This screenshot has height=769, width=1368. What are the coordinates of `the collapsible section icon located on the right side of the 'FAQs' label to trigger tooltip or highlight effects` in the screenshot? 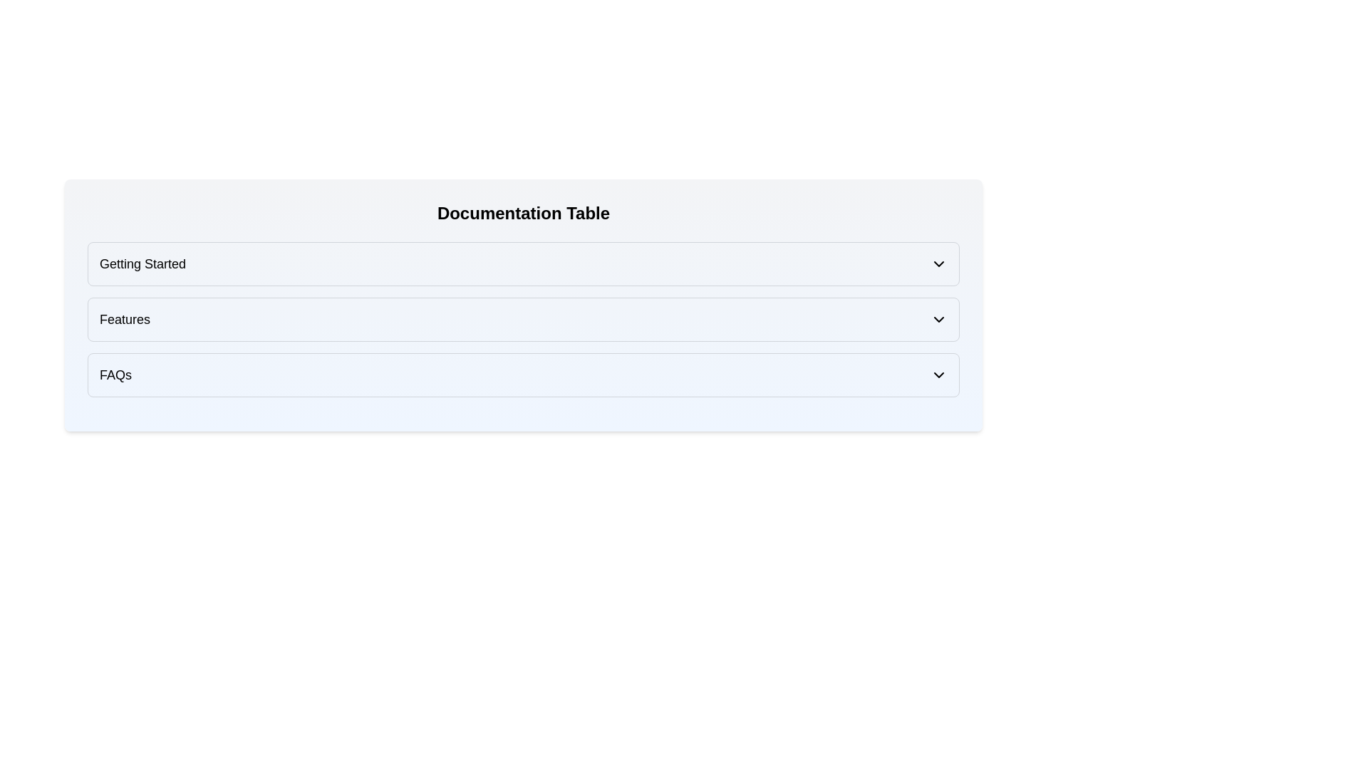 It's located at (939, 375).